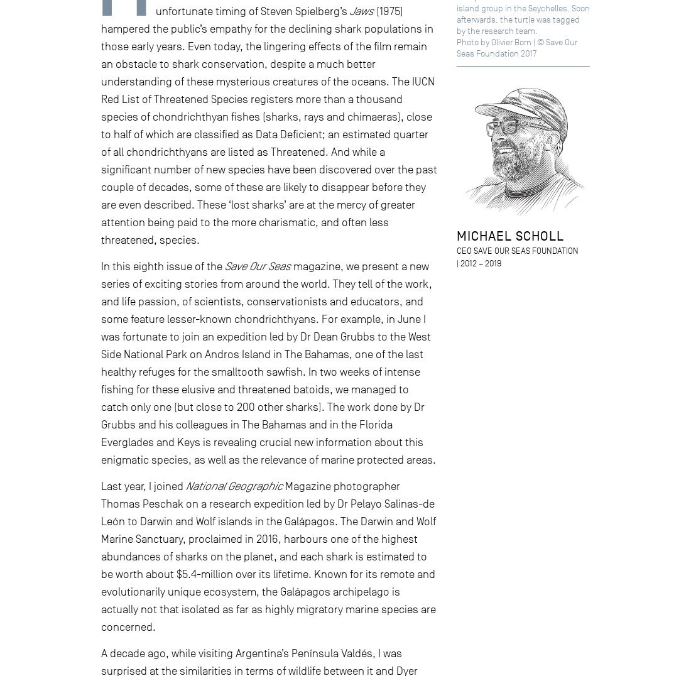  What do you see at coordinates (517, 257) in the screenshot?
I see `'CEO Save Our Seas Foundation | 2012 – 2019'` at bounding box center [517, 257].